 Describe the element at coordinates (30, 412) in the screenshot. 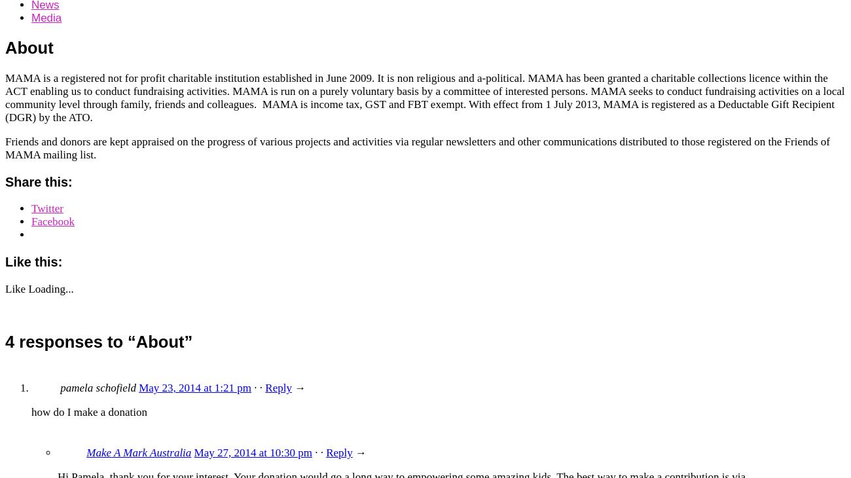

I see `'how do I make a donation'` at that location.